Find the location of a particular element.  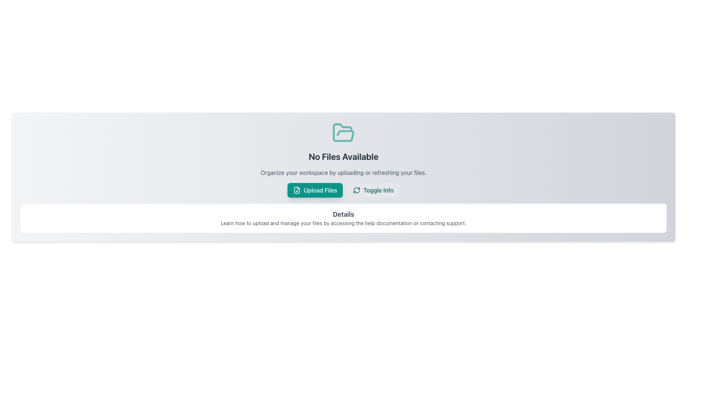

text of the Label that states: 'Learn how to upload and manage your files by accessing the help documentation or contacting support.' which is located below the 'Details' text is located at coordinates (343, 223).